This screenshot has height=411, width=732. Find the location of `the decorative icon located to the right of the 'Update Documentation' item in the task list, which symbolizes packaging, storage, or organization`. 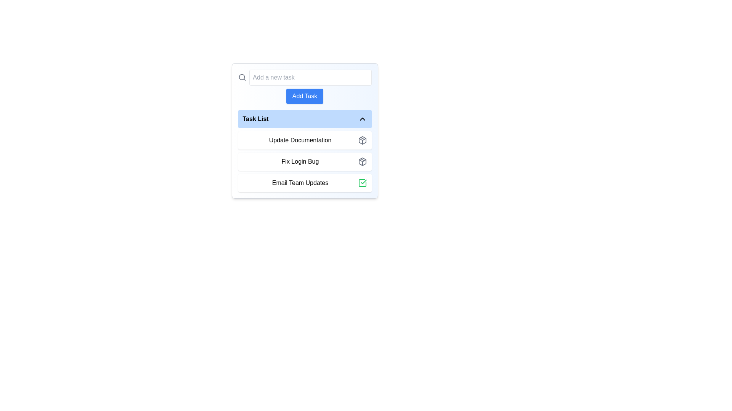

the decorative icon located to the right of the 'Update Documentation' item in the task list, which symbolizes packaging, storage, or organization is located at coordinates (362, 161).